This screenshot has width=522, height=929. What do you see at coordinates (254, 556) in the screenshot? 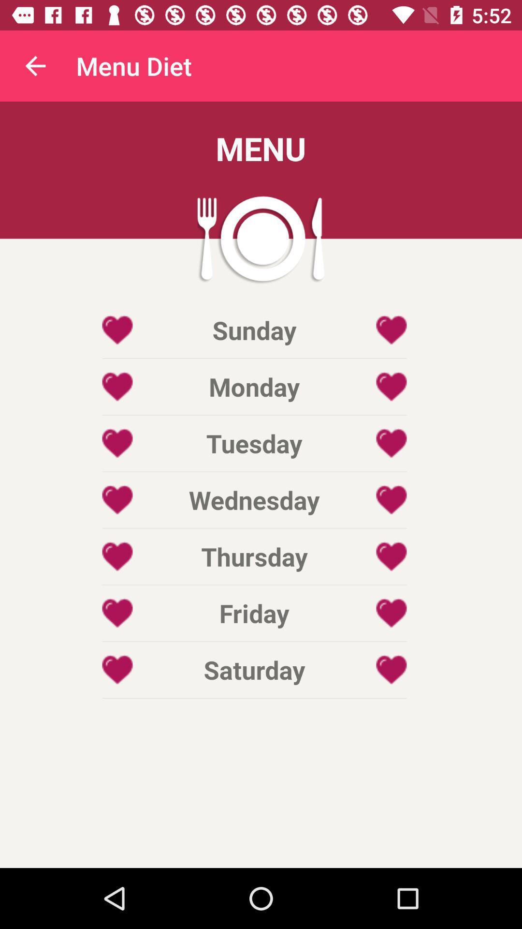
I see `icon above friday` at bounding box center [254, 556].